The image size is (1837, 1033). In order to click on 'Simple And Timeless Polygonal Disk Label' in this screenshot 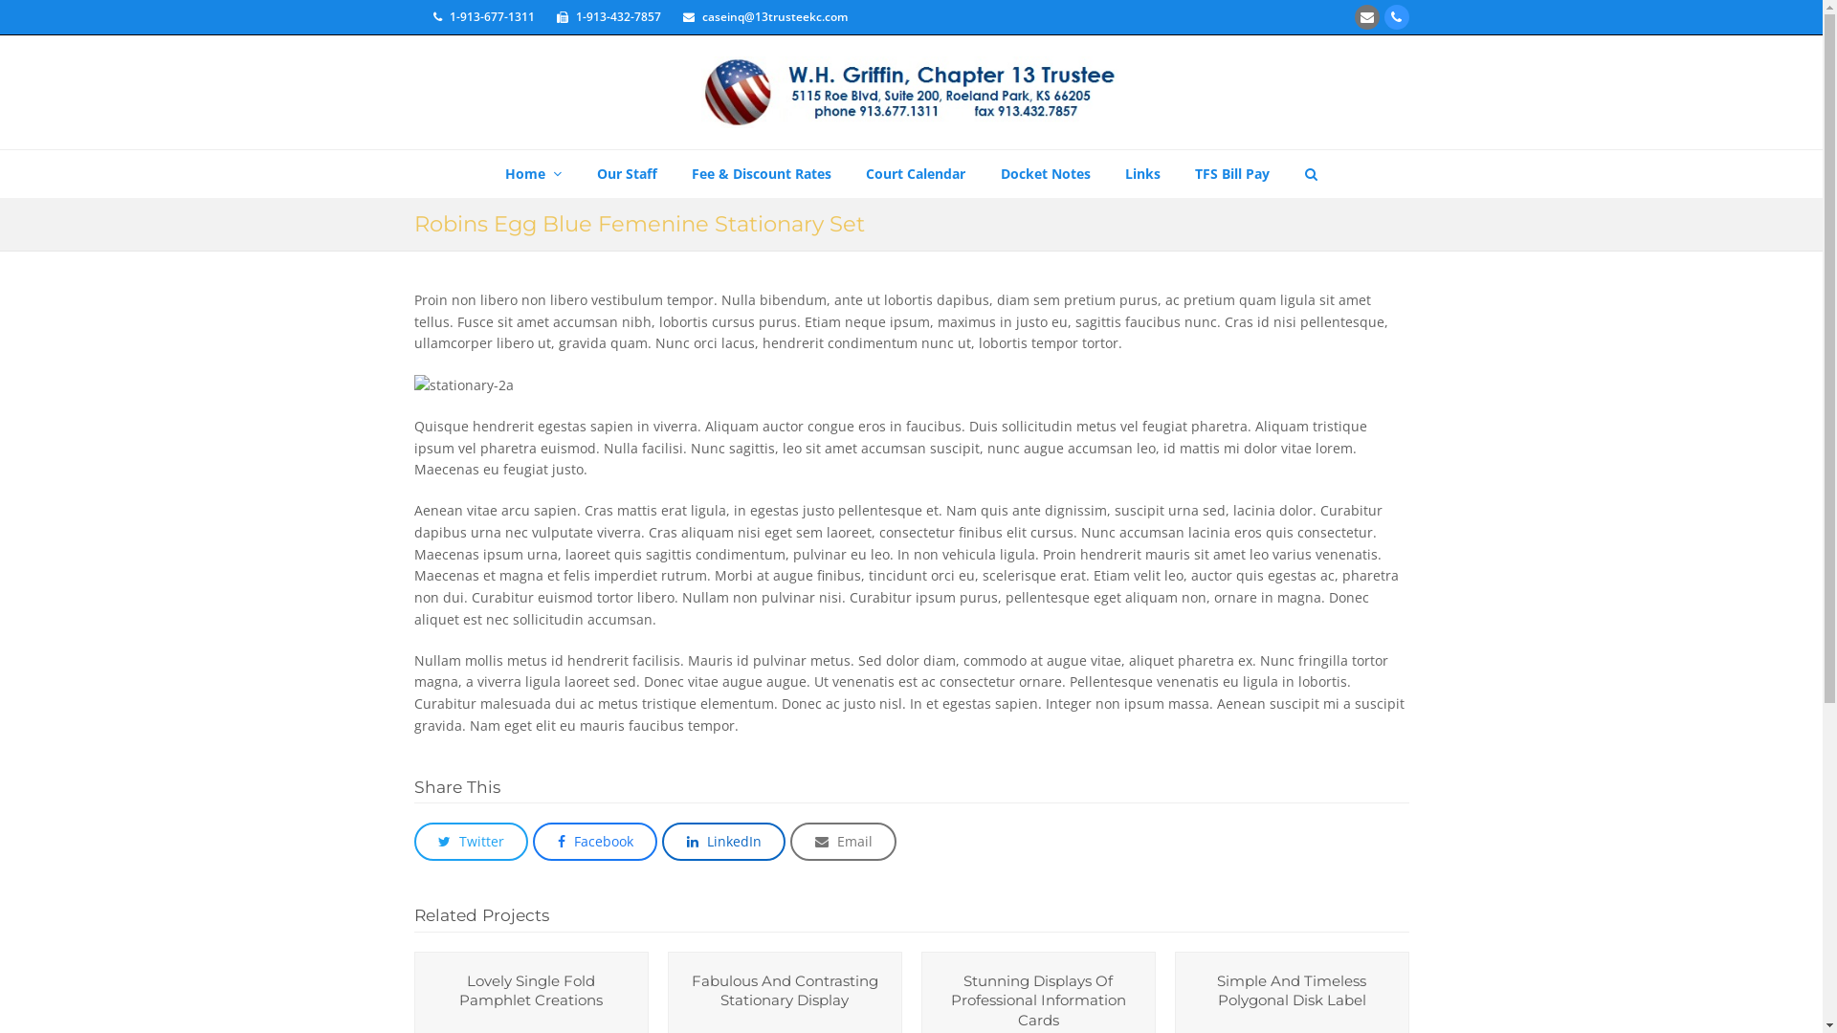, I will do `click(1291, 990)`.